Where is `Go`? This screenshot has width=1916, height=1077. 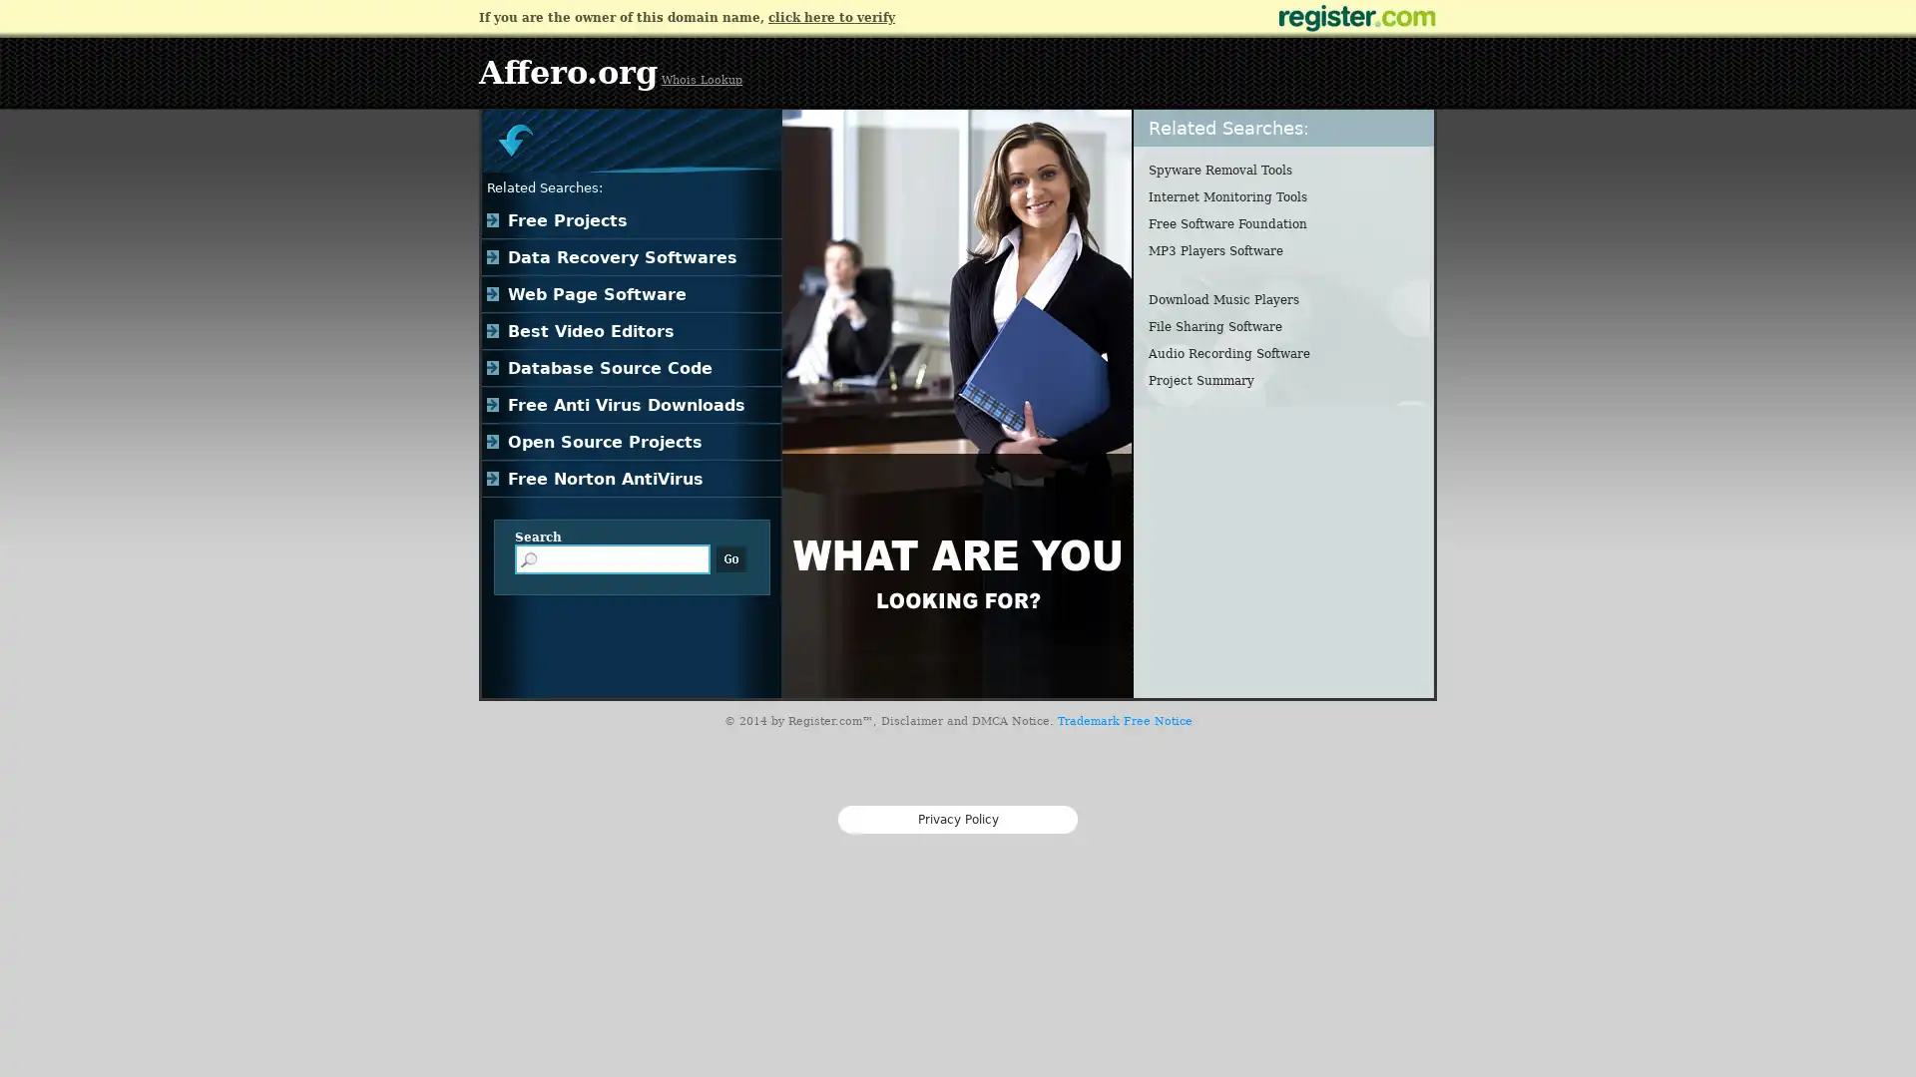 Go is located at coordinates (730, 558).